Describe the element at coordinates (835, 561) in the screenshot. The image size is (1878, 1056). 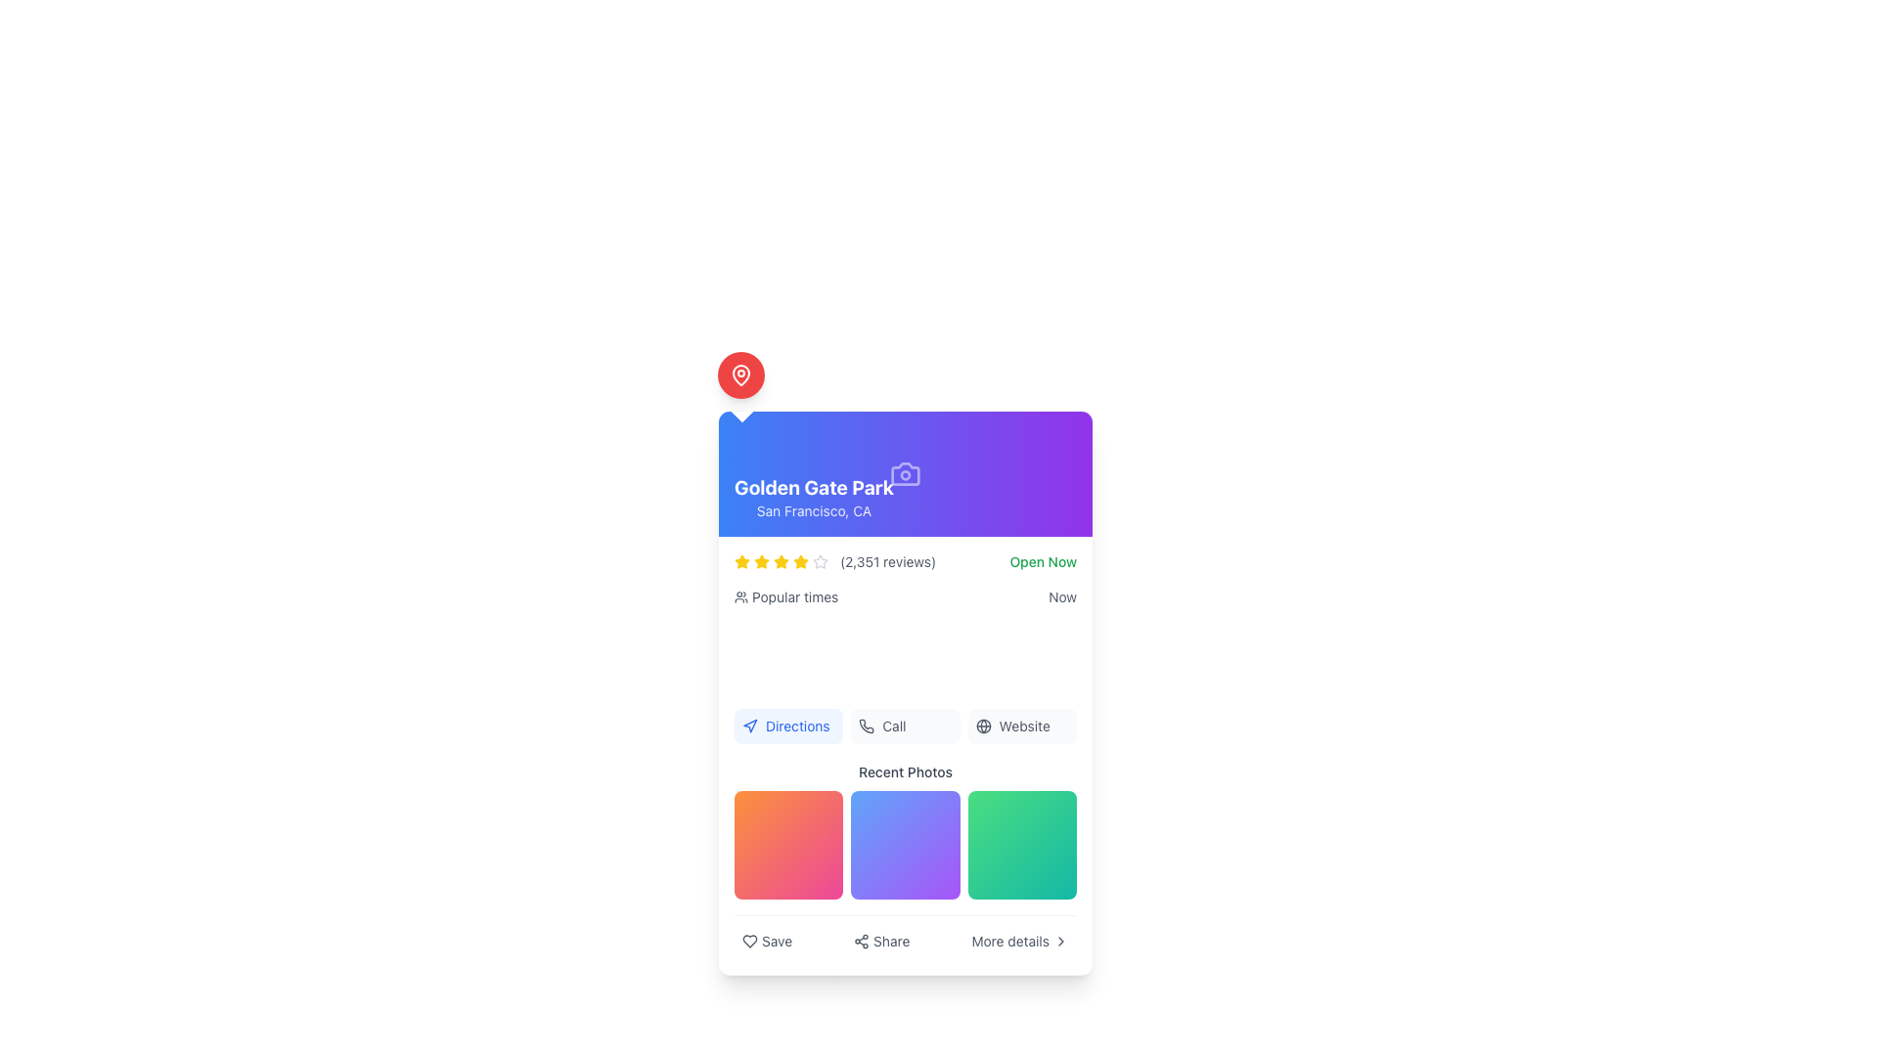
I see `the text label displaying the review count '(2,351 reviews)', which is styled in gray and situated to the right of the rating stars in the card layout` at that location.